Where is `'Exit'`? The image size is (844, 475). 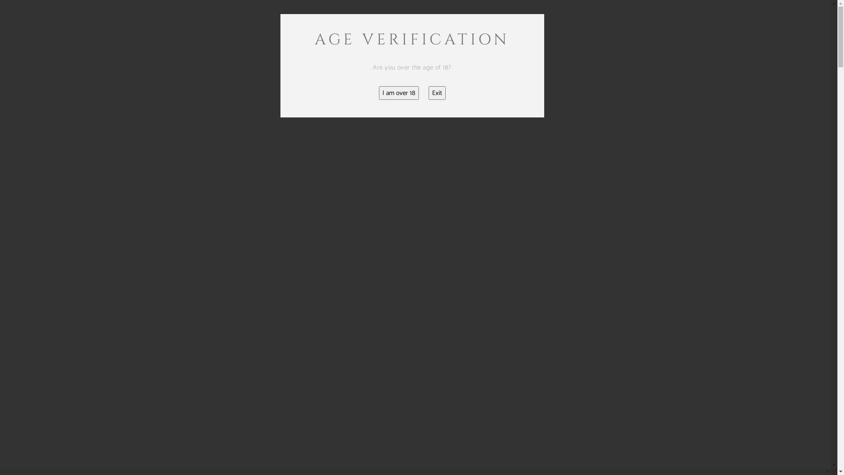
'Exit' is located at coordinates (437, 93).